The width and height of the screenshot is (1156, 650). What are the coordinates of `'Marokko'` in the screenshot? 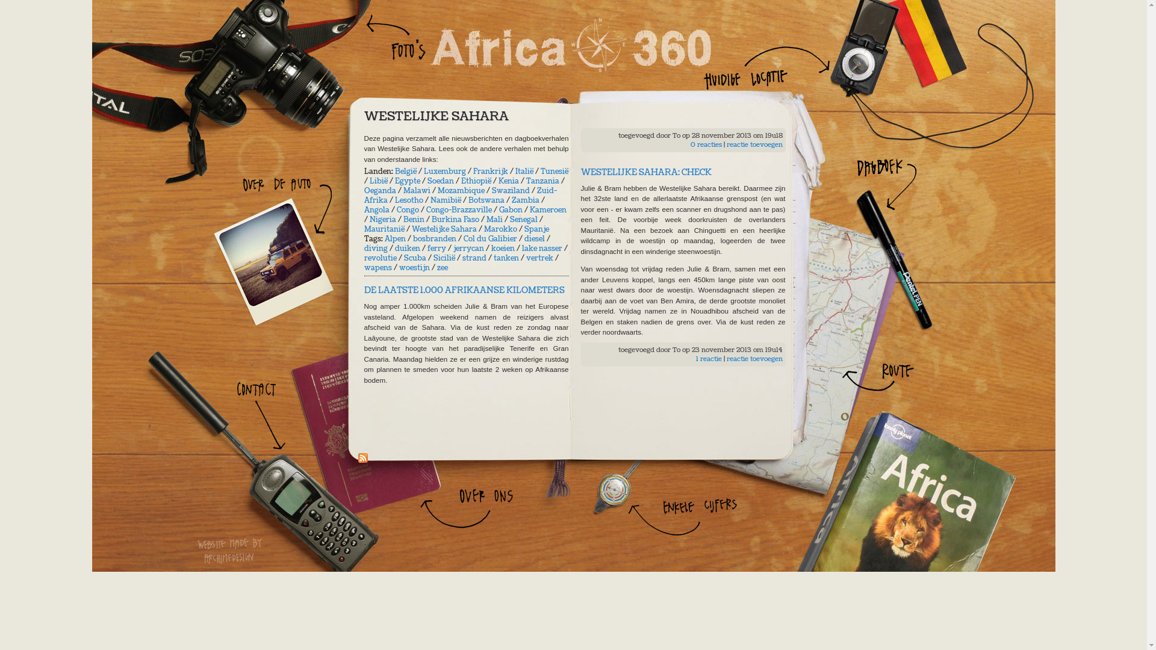 It's located at (484, 229).